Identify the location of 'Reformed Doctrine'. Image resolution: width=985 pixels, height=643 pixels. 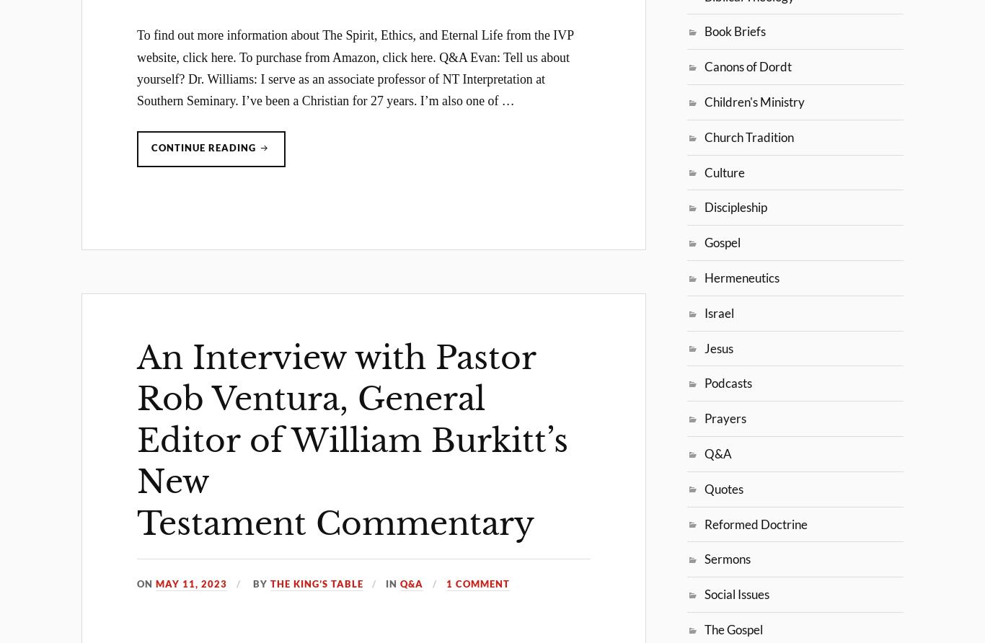
(755, 523).